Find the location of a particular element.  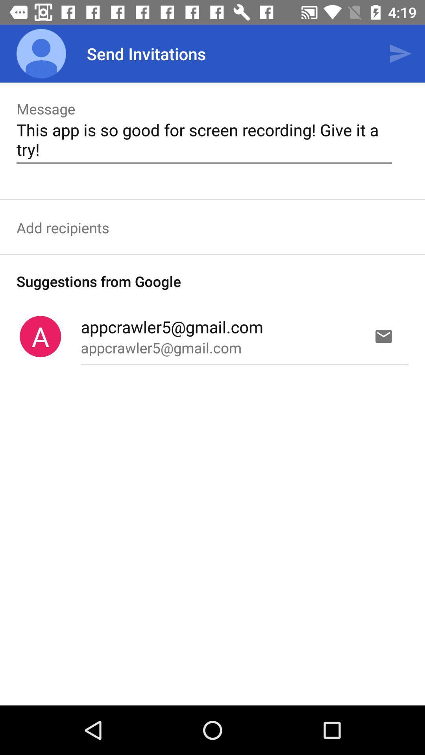

the this app is item is located at coordinates (204, 139).